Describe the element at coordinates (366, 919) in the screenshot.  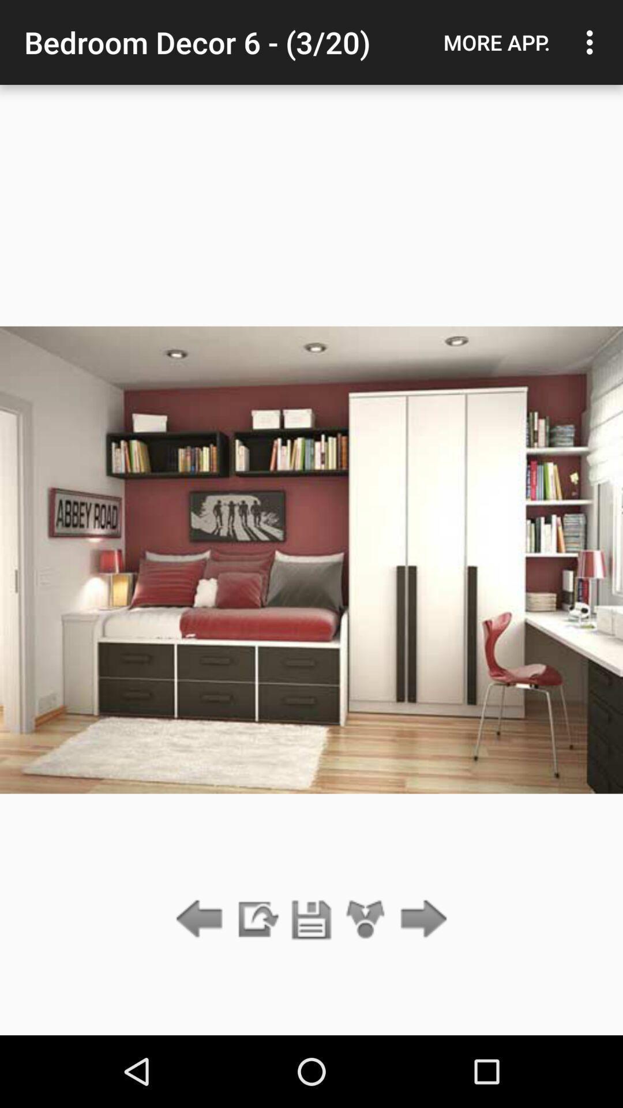
I see `the share icon` at that location.